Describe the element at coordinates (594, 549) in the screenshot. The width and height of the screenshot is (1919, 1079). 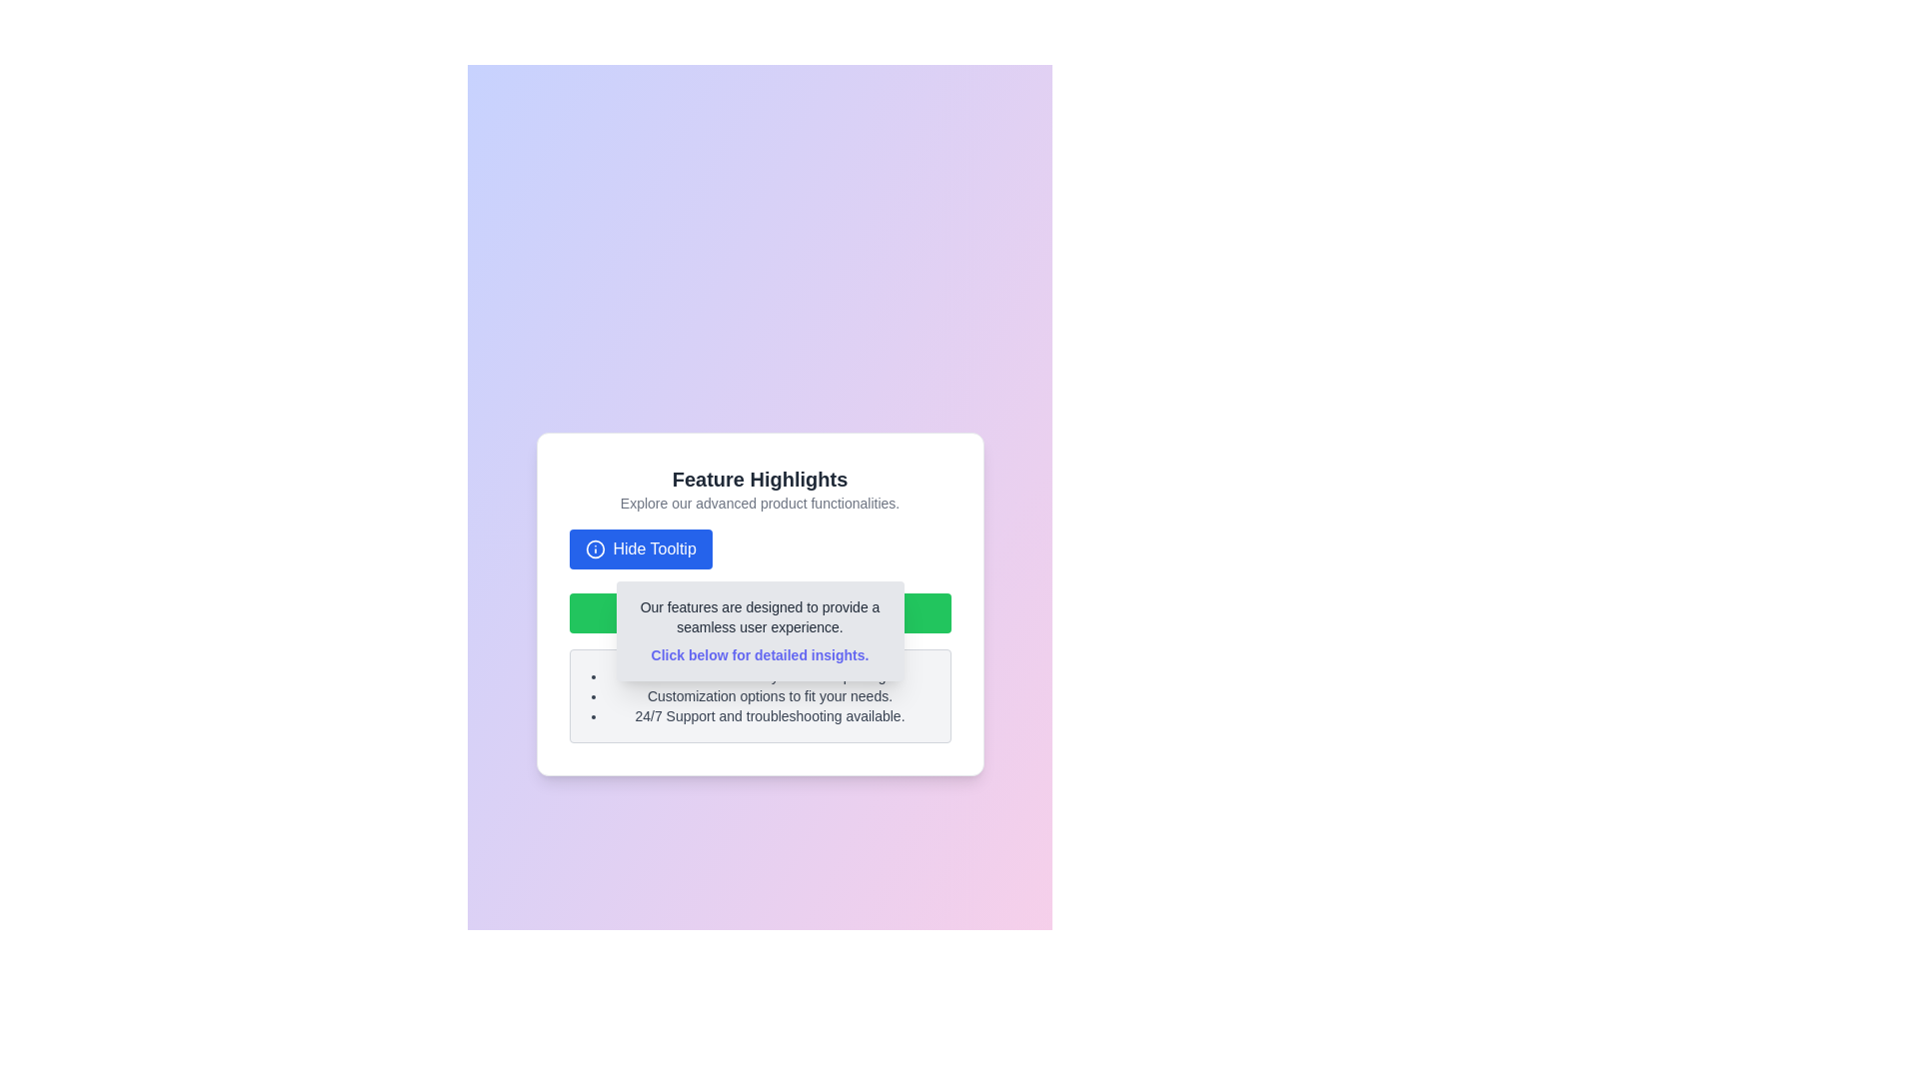
I see `the 'Hide Tooltip' button, which contains a circular info icon (i) to the left of the button text` at that location.